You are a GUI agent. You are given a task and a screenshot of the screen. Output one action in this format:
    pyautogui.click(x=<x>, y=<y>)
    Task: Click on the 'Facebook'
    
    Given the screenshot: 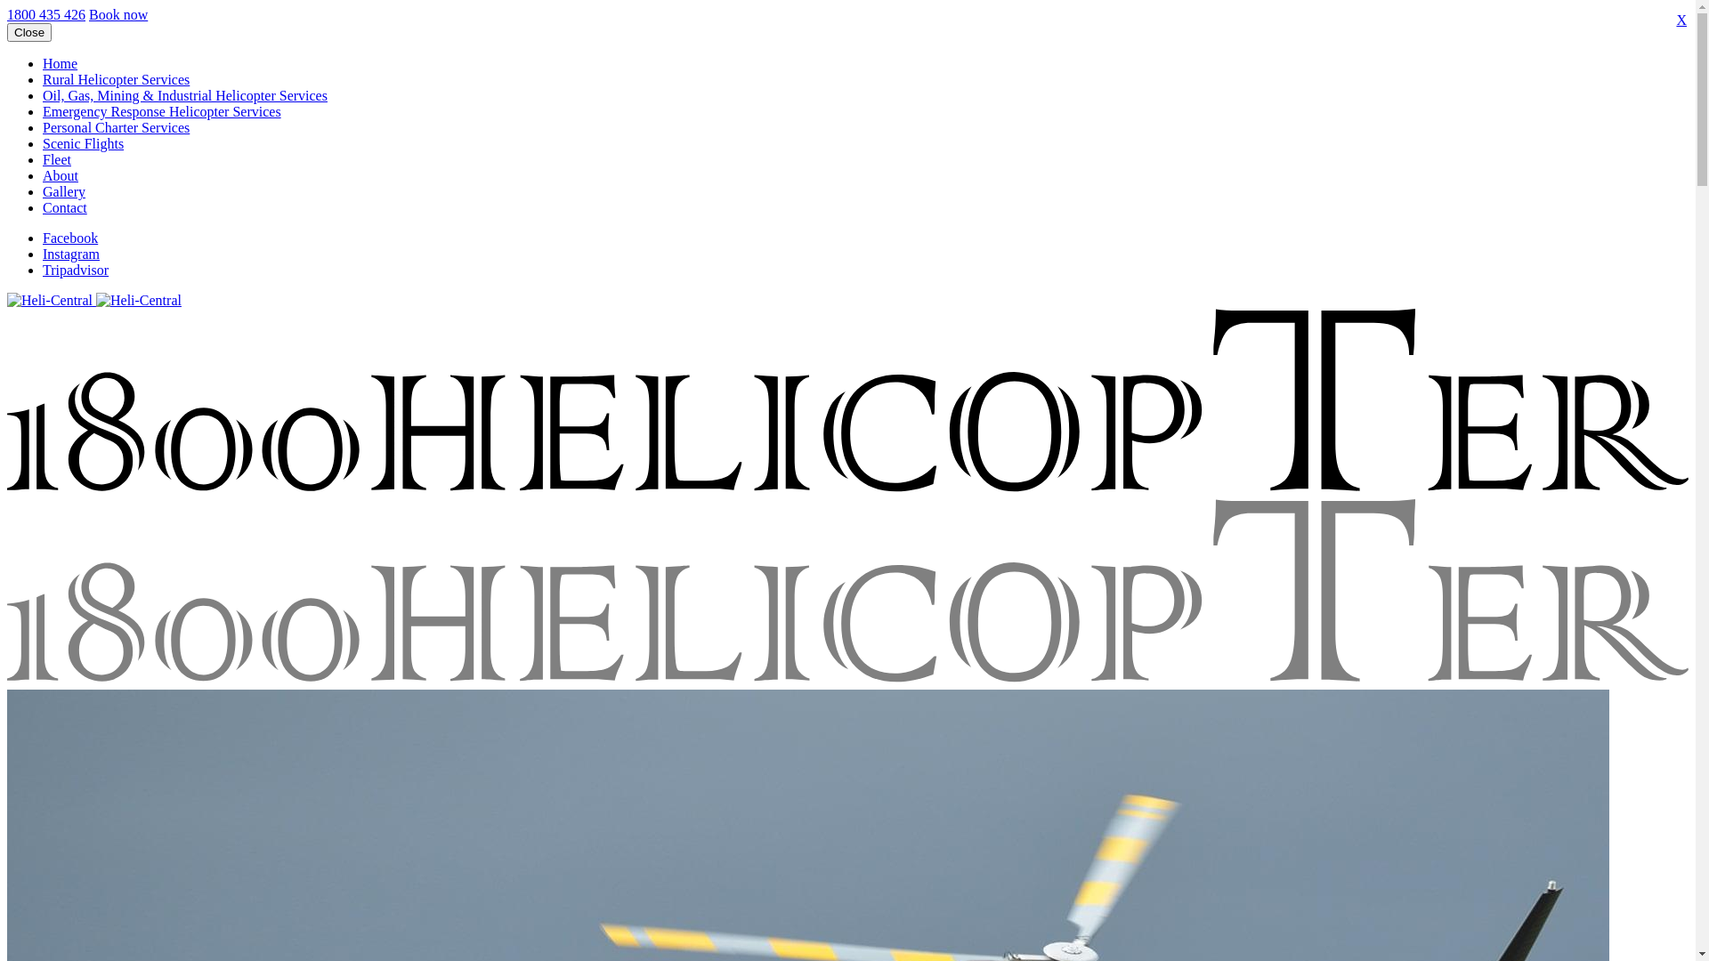 What is the action you would take?
    pyautogui.click(x=69, y=237)
    